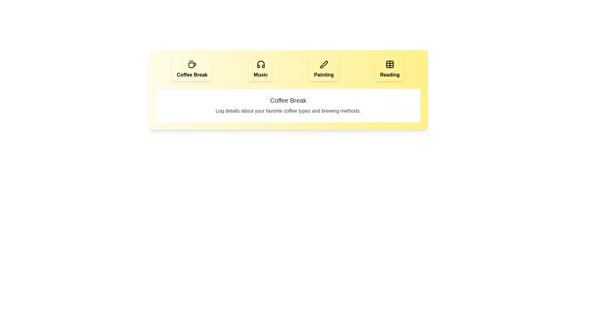  What do you see at coordinates (192, 64) in the screenshot?
I see `the coffee cup SVG icon with steam lines that is part of the 'Coffee Break' selection button` at bounding box center [192, 64].